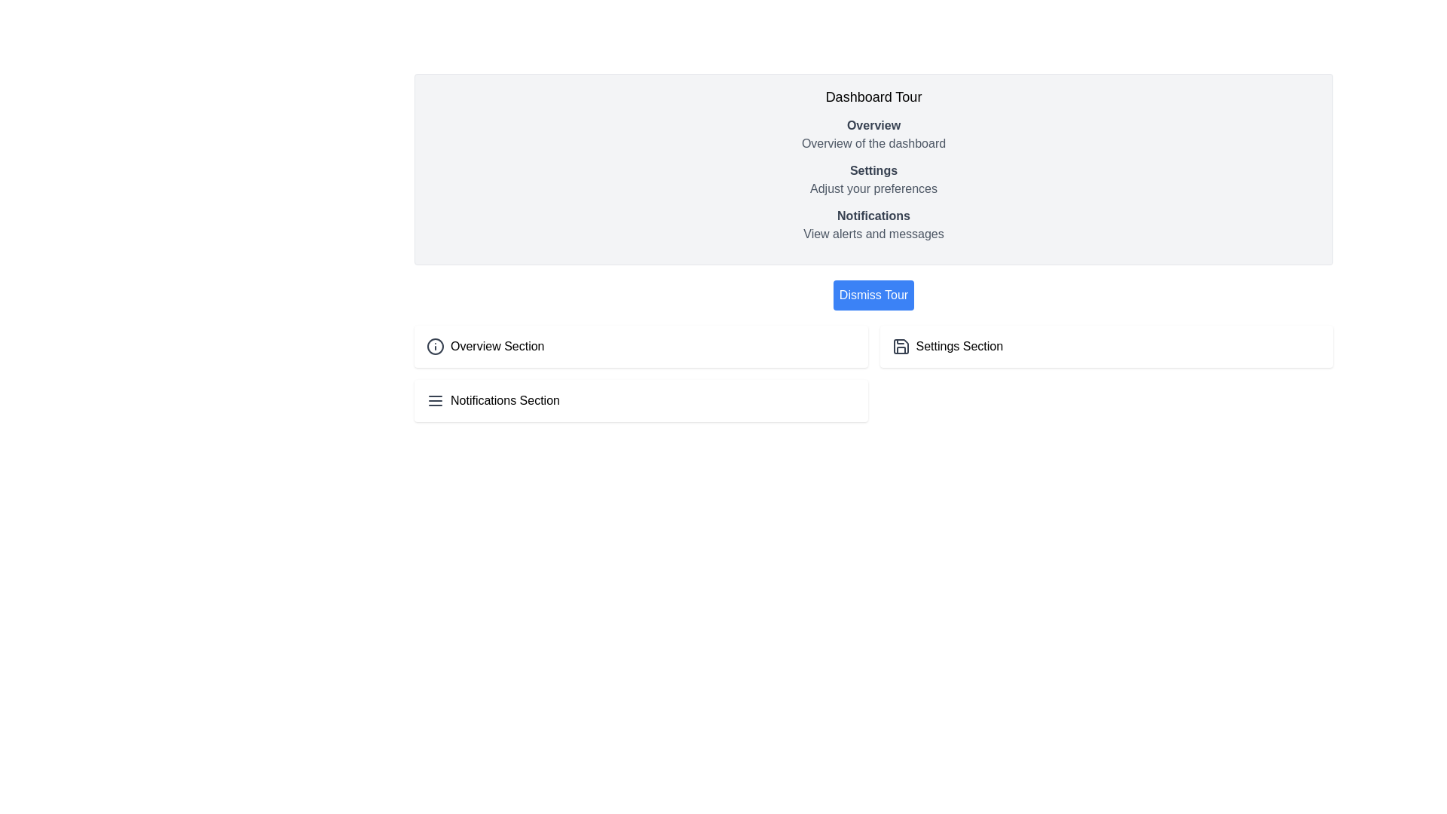  What do you see at coordinates (873, 295) in the screenshot?
I see `the 'Dismiss Tour' button with a blue background and white text to trigger a visual ring effect around it` at bounding box center [873, 295].